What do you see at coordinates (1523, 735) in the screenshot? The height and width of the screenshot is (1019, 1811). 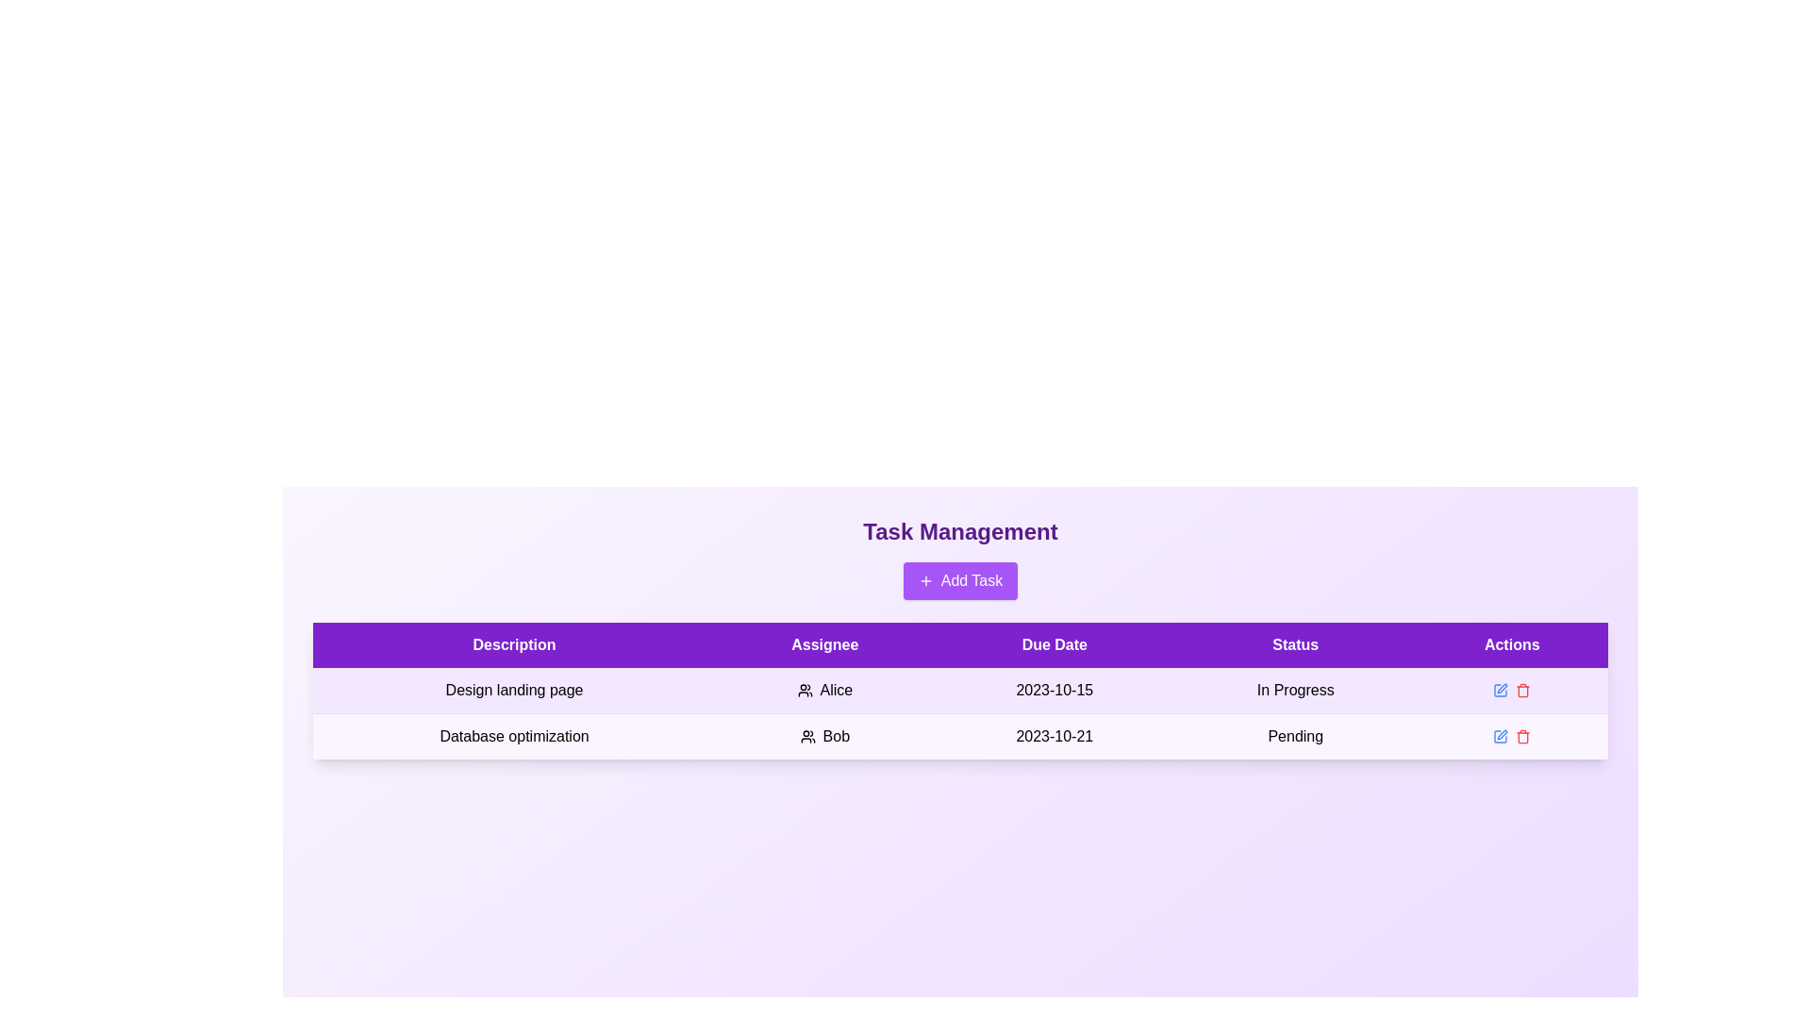 I see `the delete button located as the second icon in the 'Actions' column of the last row in the table` at bounding box center [1523, 735].